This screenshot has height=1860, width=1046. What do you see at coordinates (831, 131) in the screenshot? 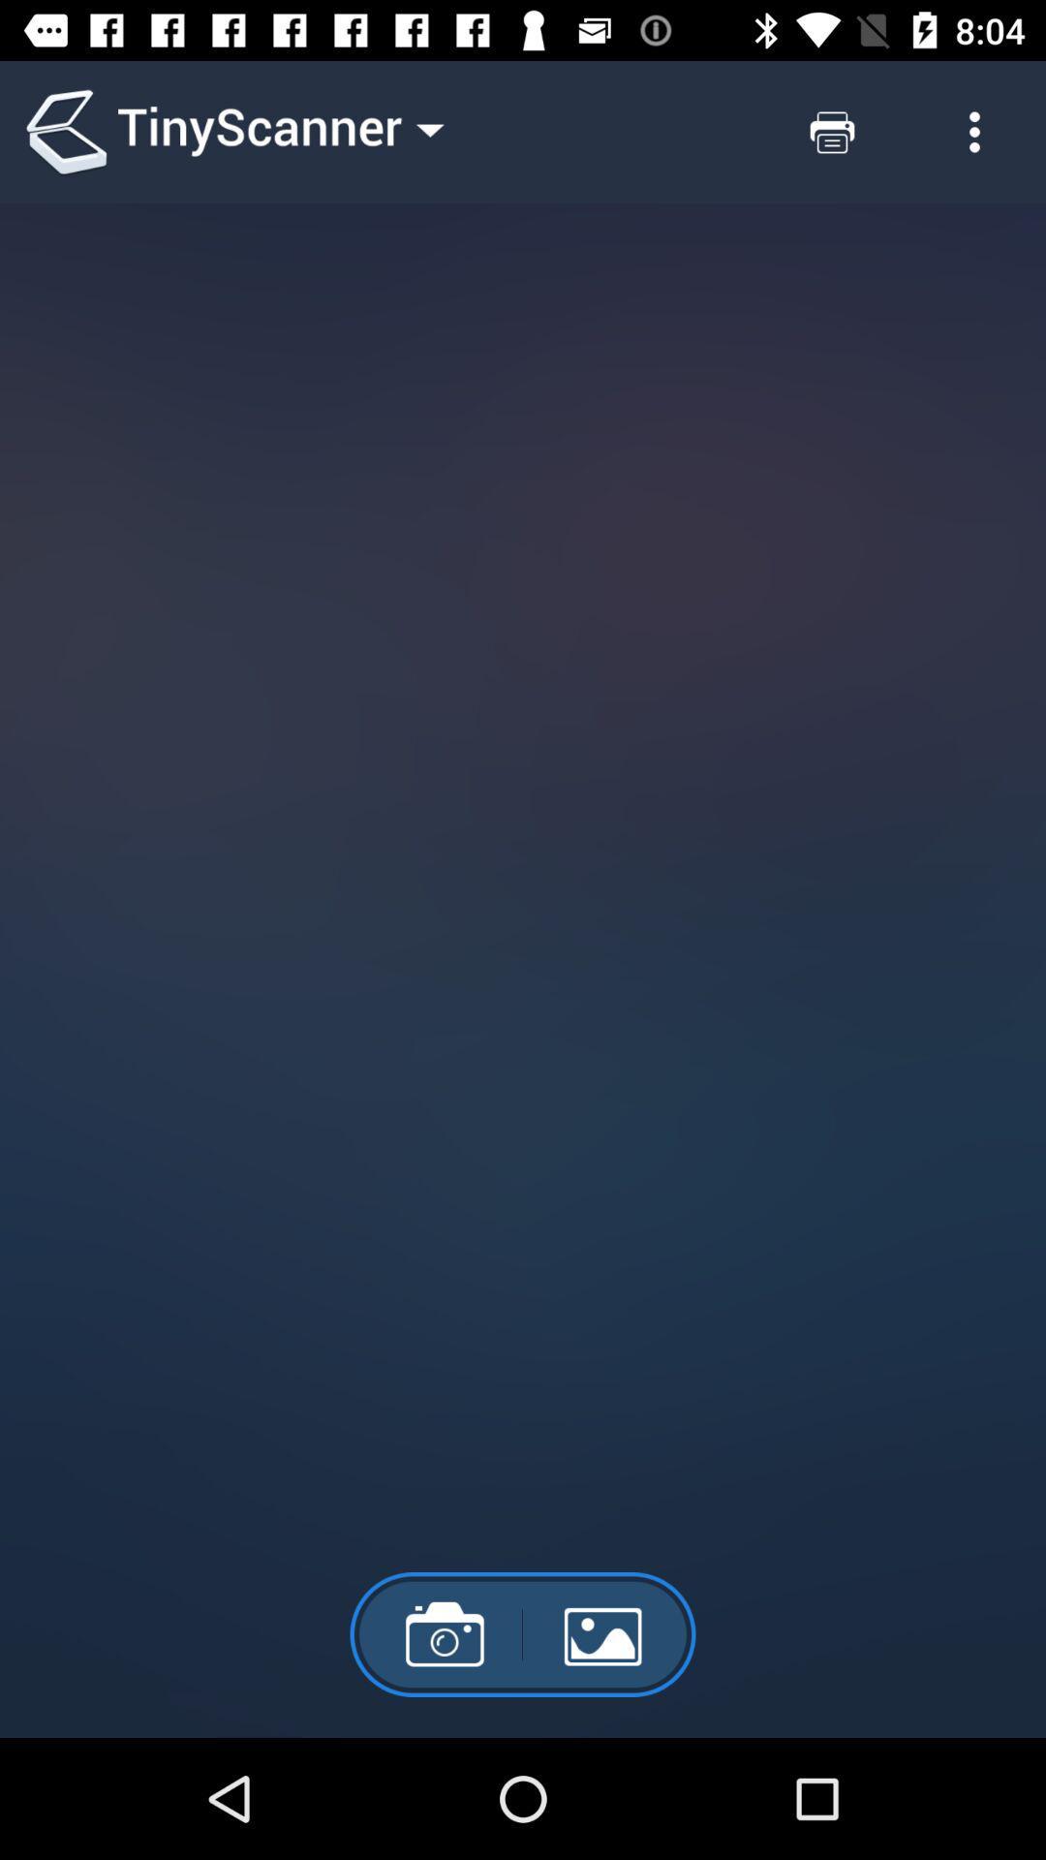
I see `the repeat icon` at bounding box center [831, 131].